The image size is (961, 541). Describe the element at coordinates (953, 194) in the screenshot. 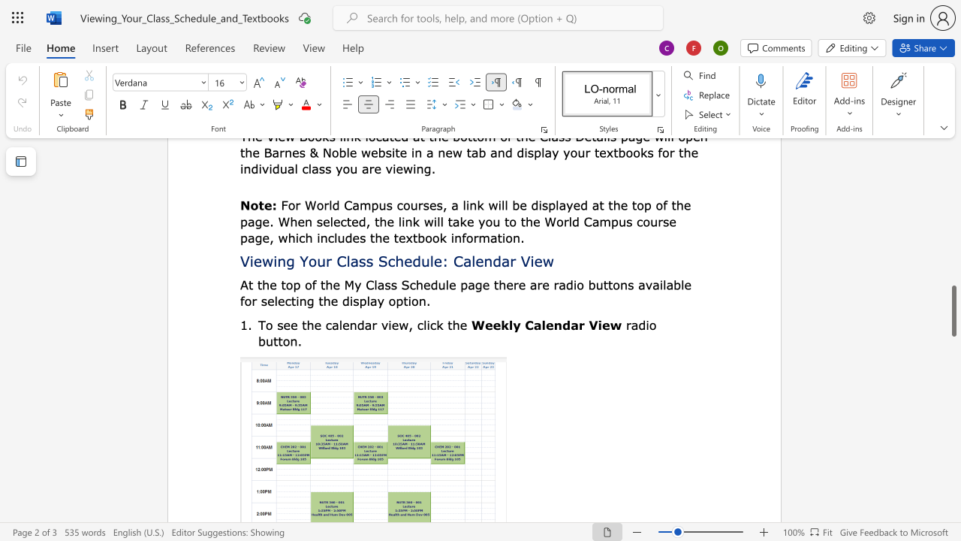

I see `the scrollbar to move the page up` at that location.